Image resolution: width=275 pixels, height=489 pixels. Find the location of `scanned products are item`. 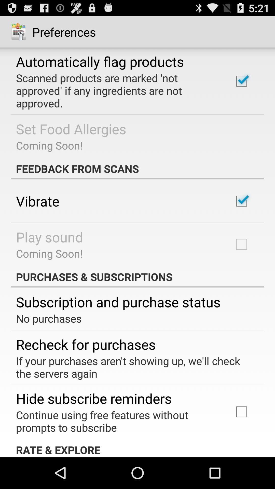

scanned products are item is located at coordinates (118, 90).